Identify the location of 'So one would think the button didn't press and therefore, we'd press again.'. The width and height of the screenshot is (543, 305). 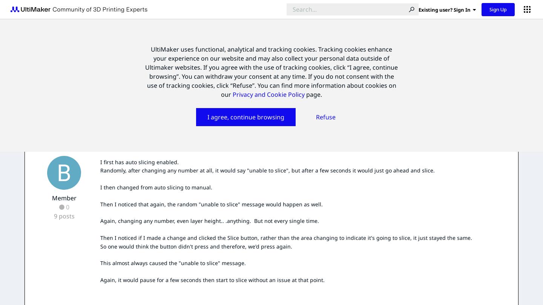
(196, 246).